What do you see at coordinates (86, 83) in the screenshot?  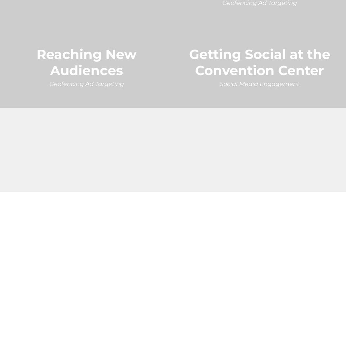 I see `'Geofencing Ad Targeting'` at bounding box center [86, 83].